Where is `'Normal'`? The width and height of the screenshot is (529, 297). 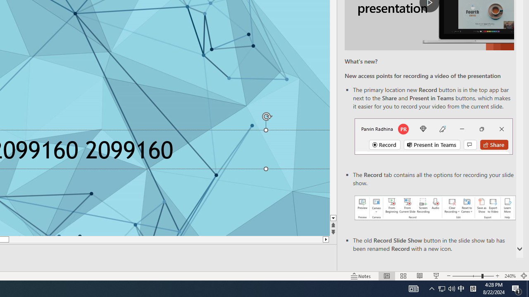 'Normal' is located at coordinates (386, 276).